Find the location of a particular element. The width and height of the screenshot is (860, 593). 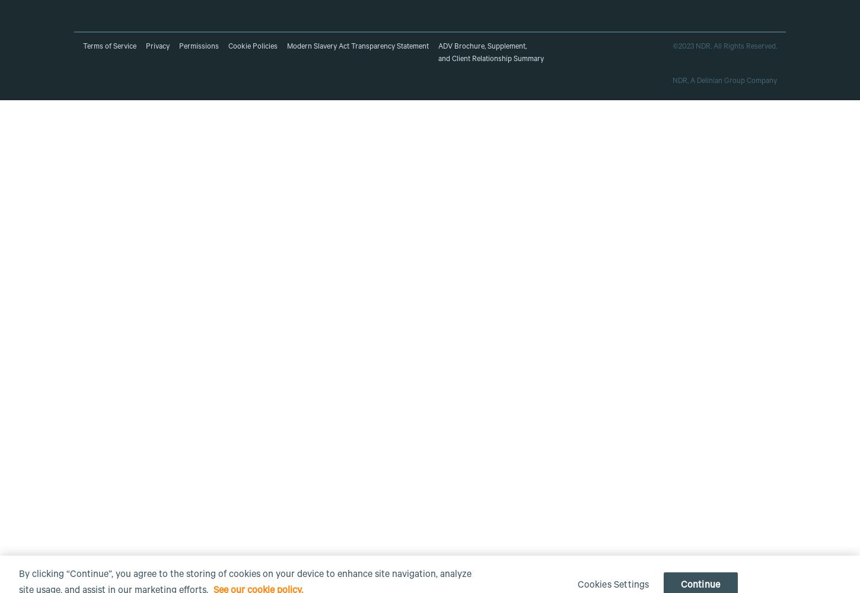

'Privacy' is located at coordinates (157, 46).